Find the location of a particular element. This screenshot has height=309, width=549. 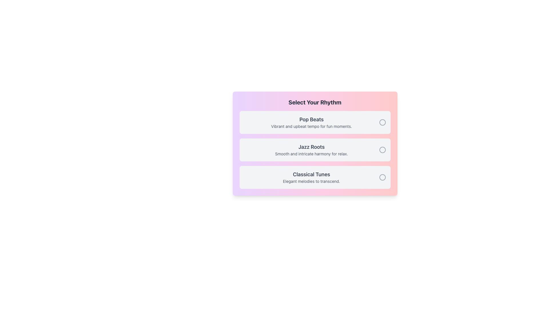

the 'Jazz Roots' text display, which represents a selectable option for a music style, located between 'Pop Beats' and 'Classical Tunes' is located at coordinates (311, 150).